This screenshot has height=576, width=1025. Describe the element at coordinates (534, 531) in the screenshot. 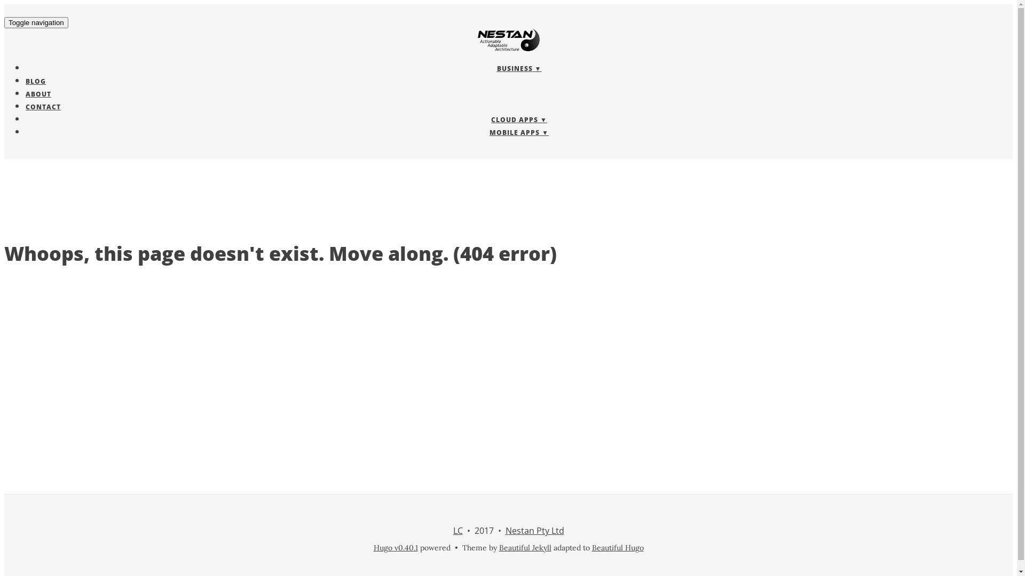

I see `'Nestan Pty Ltd'` at that location.